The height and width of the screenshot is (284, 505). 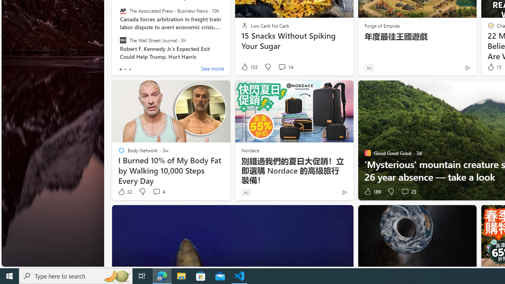 I want to click on '103 Like', so click(x=249, y=67).